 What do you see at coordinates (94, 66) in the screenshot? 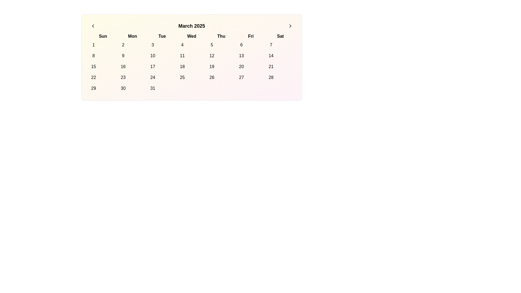
I see `the circular calendar day button labeled '15'` at bounding box center [94, 66].